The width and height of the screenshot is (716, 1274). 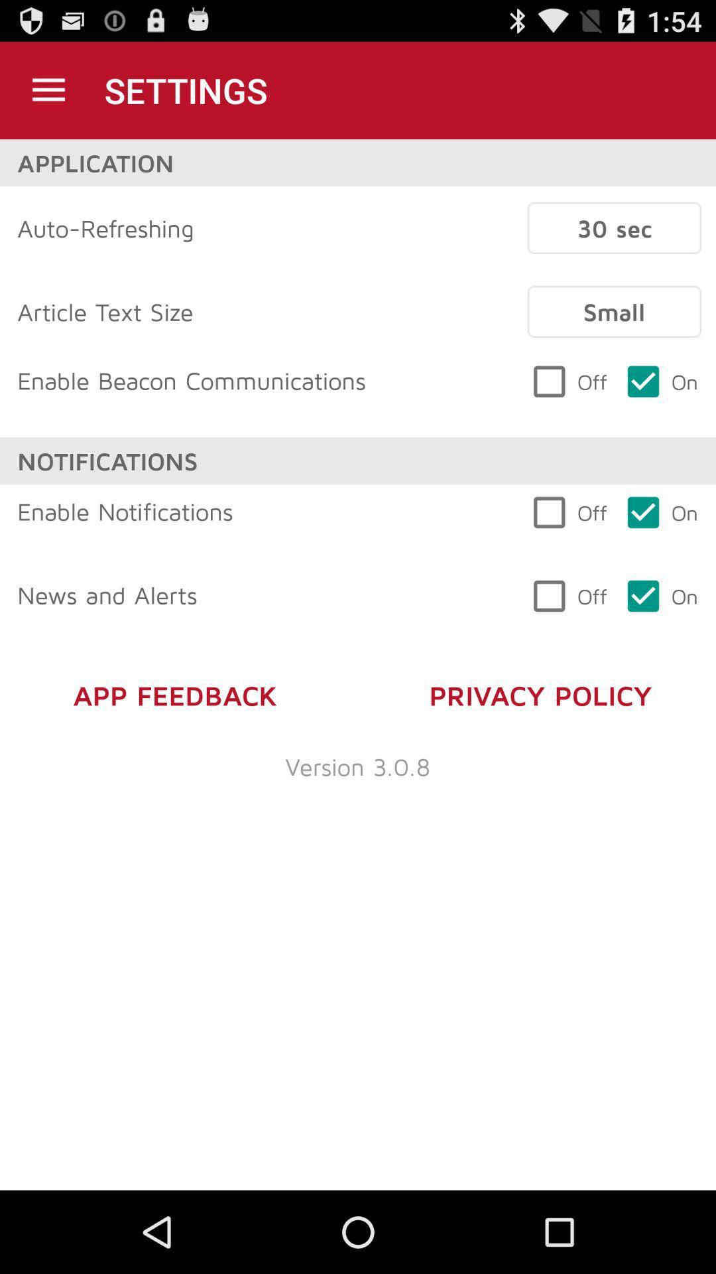 What do you see at coordinates (48, 90) in the screenshot?
I see `item to the left of the settings` at bounding box center [48, 90].